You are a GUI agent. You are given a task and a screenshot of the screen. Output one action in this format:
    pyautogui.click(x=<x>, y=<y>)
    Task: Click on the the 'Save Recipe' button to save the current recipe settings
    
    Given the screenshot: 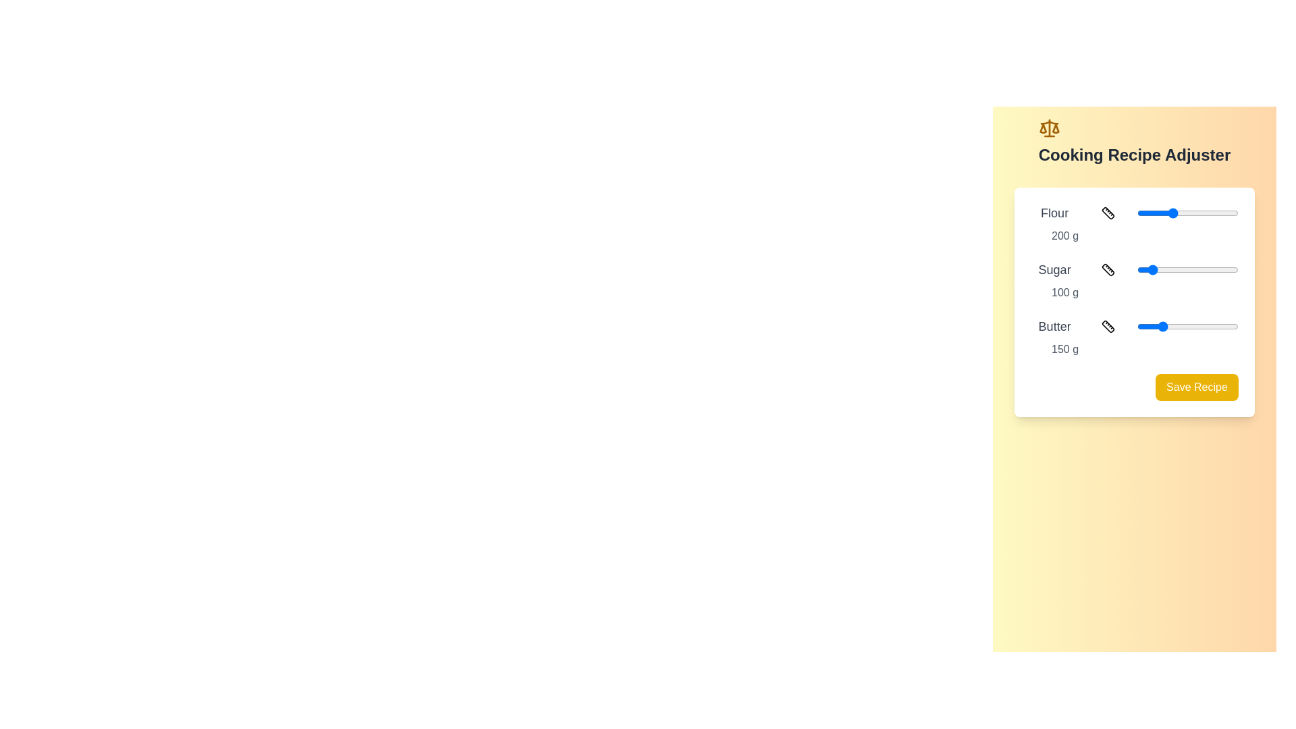 What is the action you would take?
    pyautogui.click(x=1196, y=387)
    